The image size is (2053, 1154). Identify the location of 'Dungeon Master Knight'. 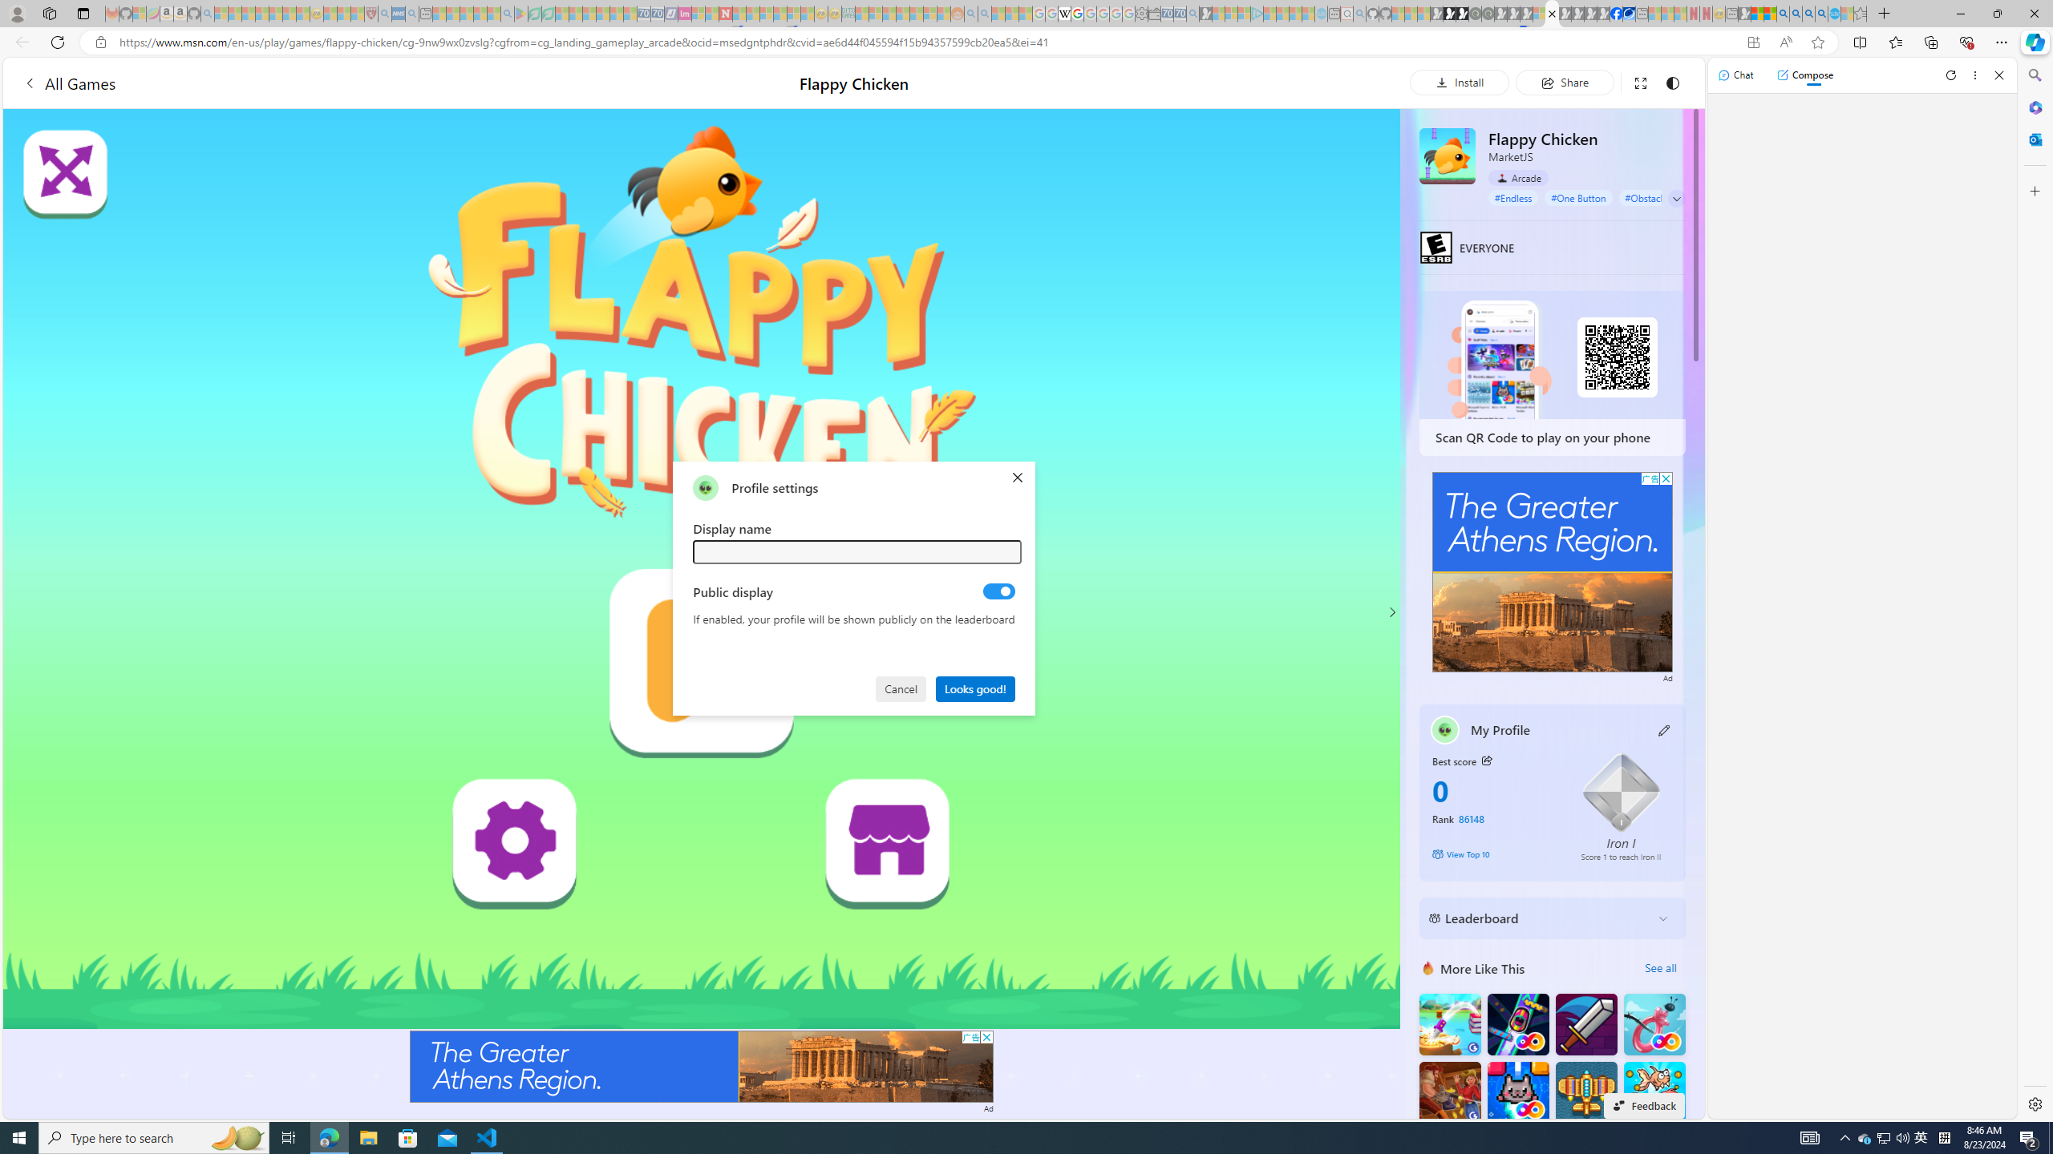
(1585, 1024).